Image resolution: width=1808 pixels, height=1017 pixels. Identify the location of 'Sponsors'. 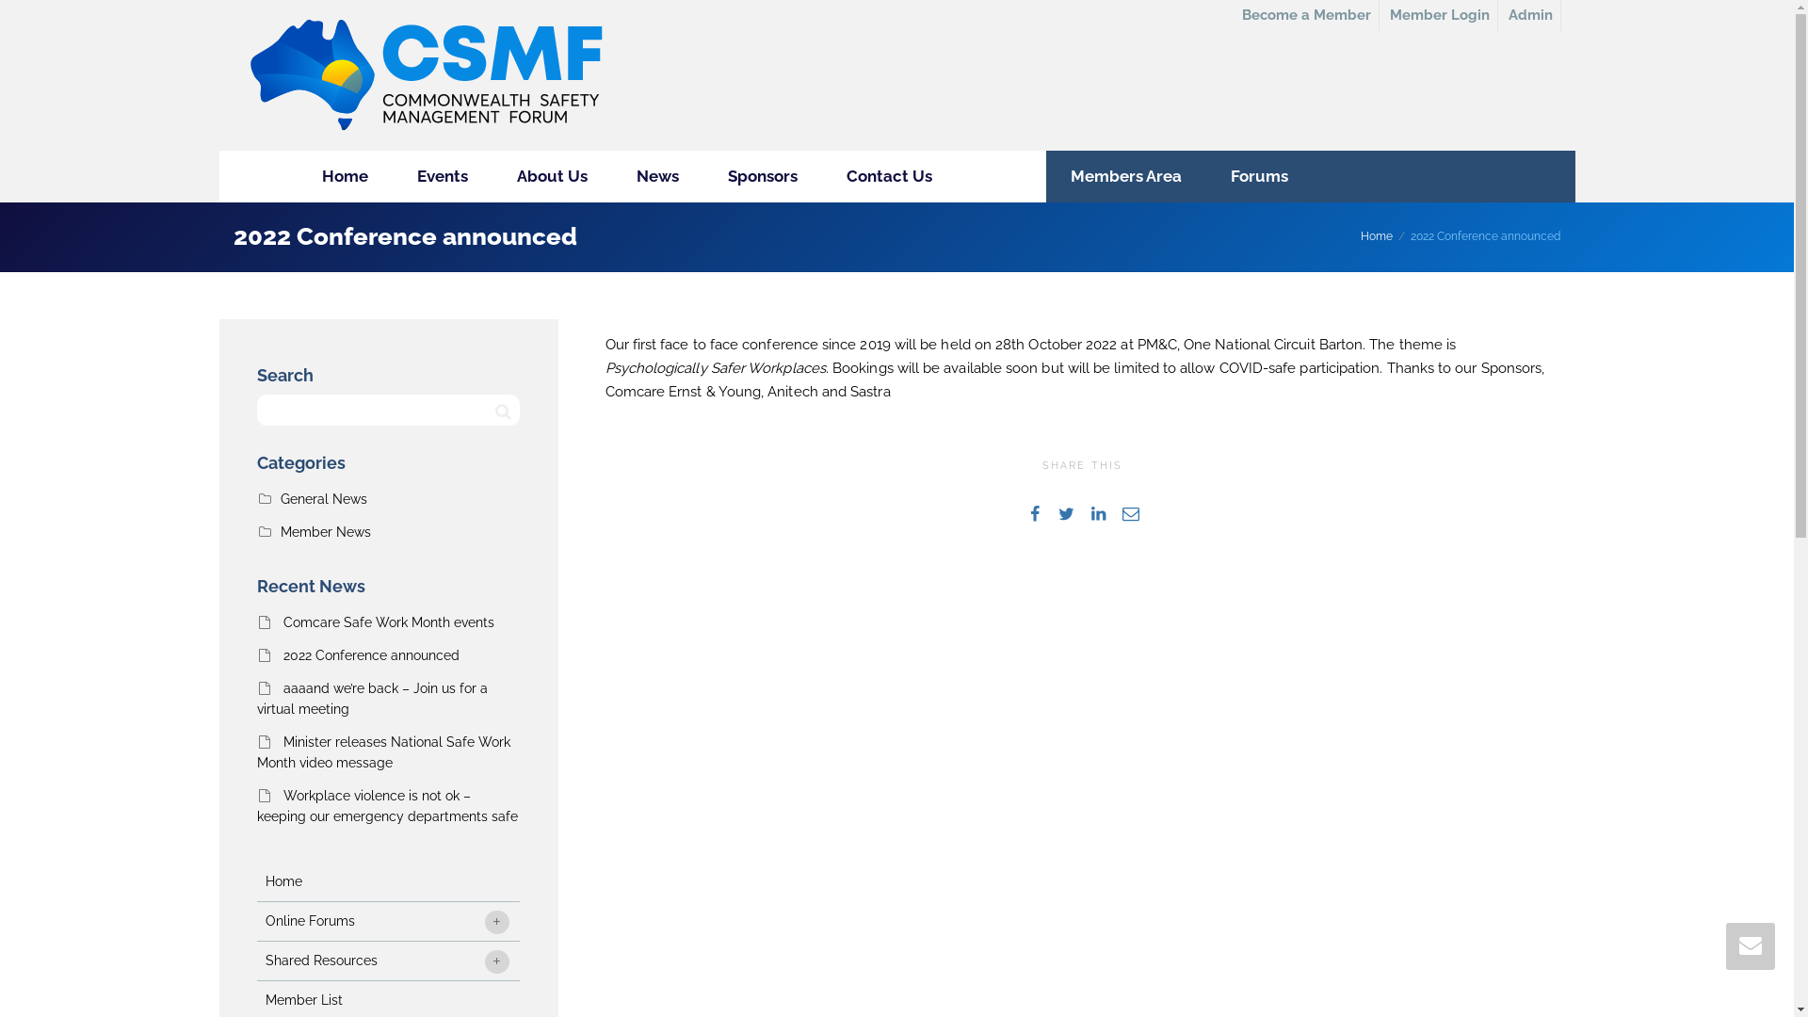
(762, 176).